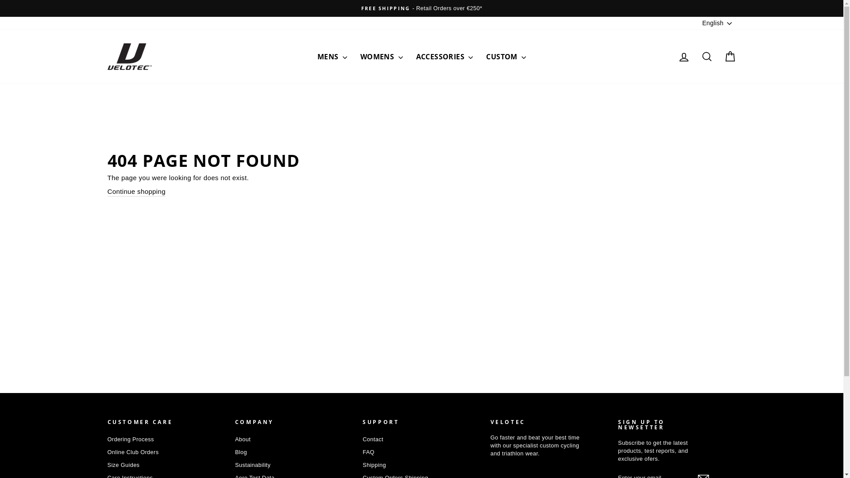 This screenshot has width=850, height=478. I want to click on 'About', so click(235, 439).